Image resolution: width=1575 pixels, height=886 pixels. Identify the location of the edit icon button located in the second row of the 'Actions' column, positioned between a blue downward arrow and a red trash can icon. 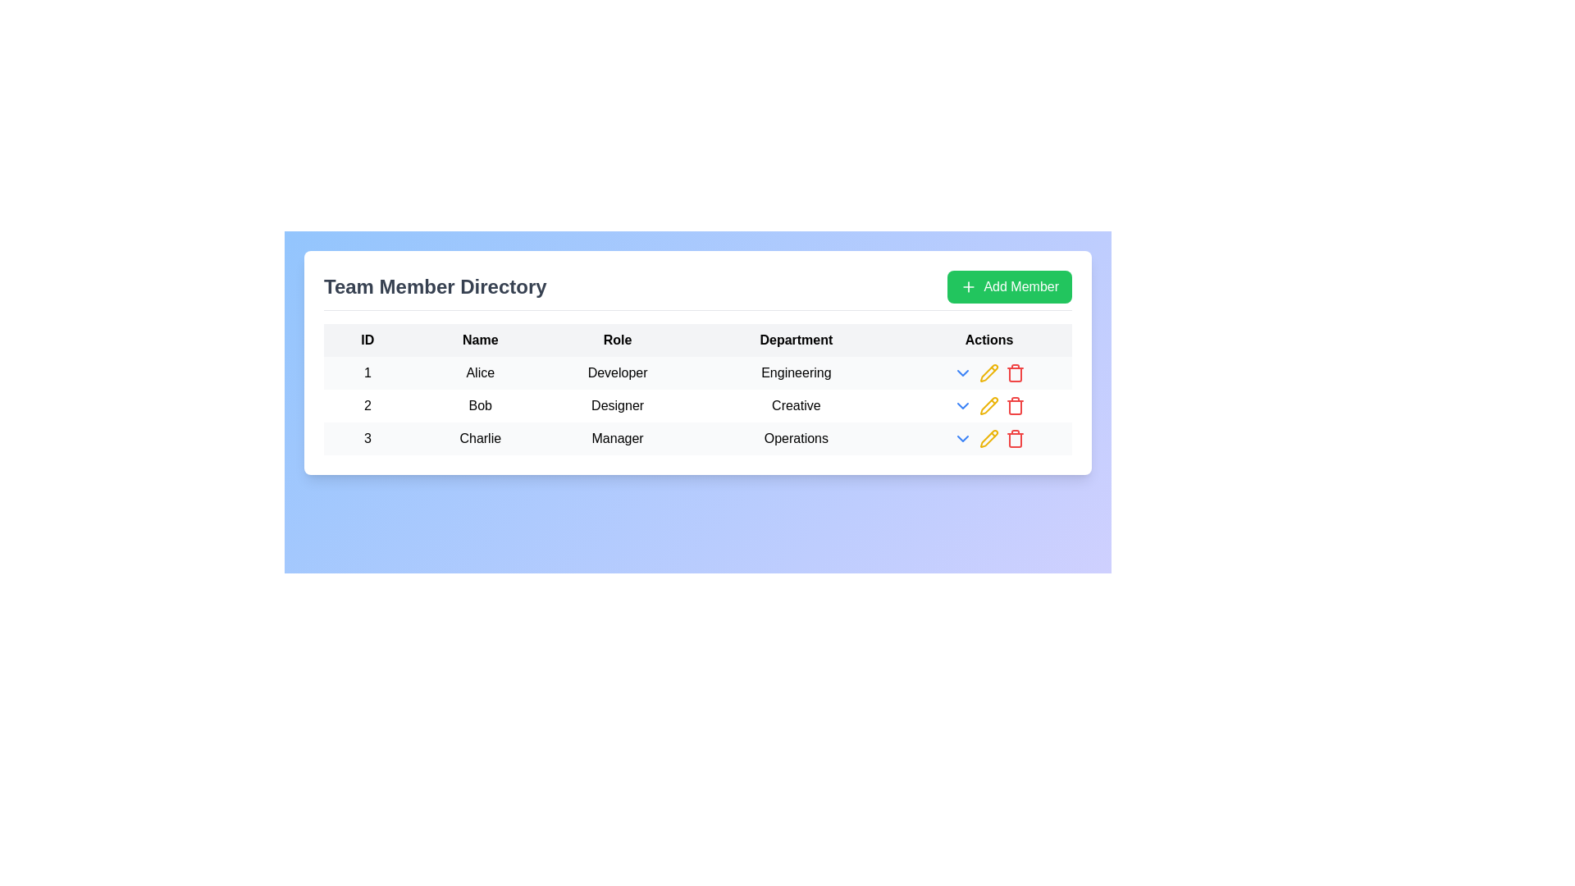
(988, 405).